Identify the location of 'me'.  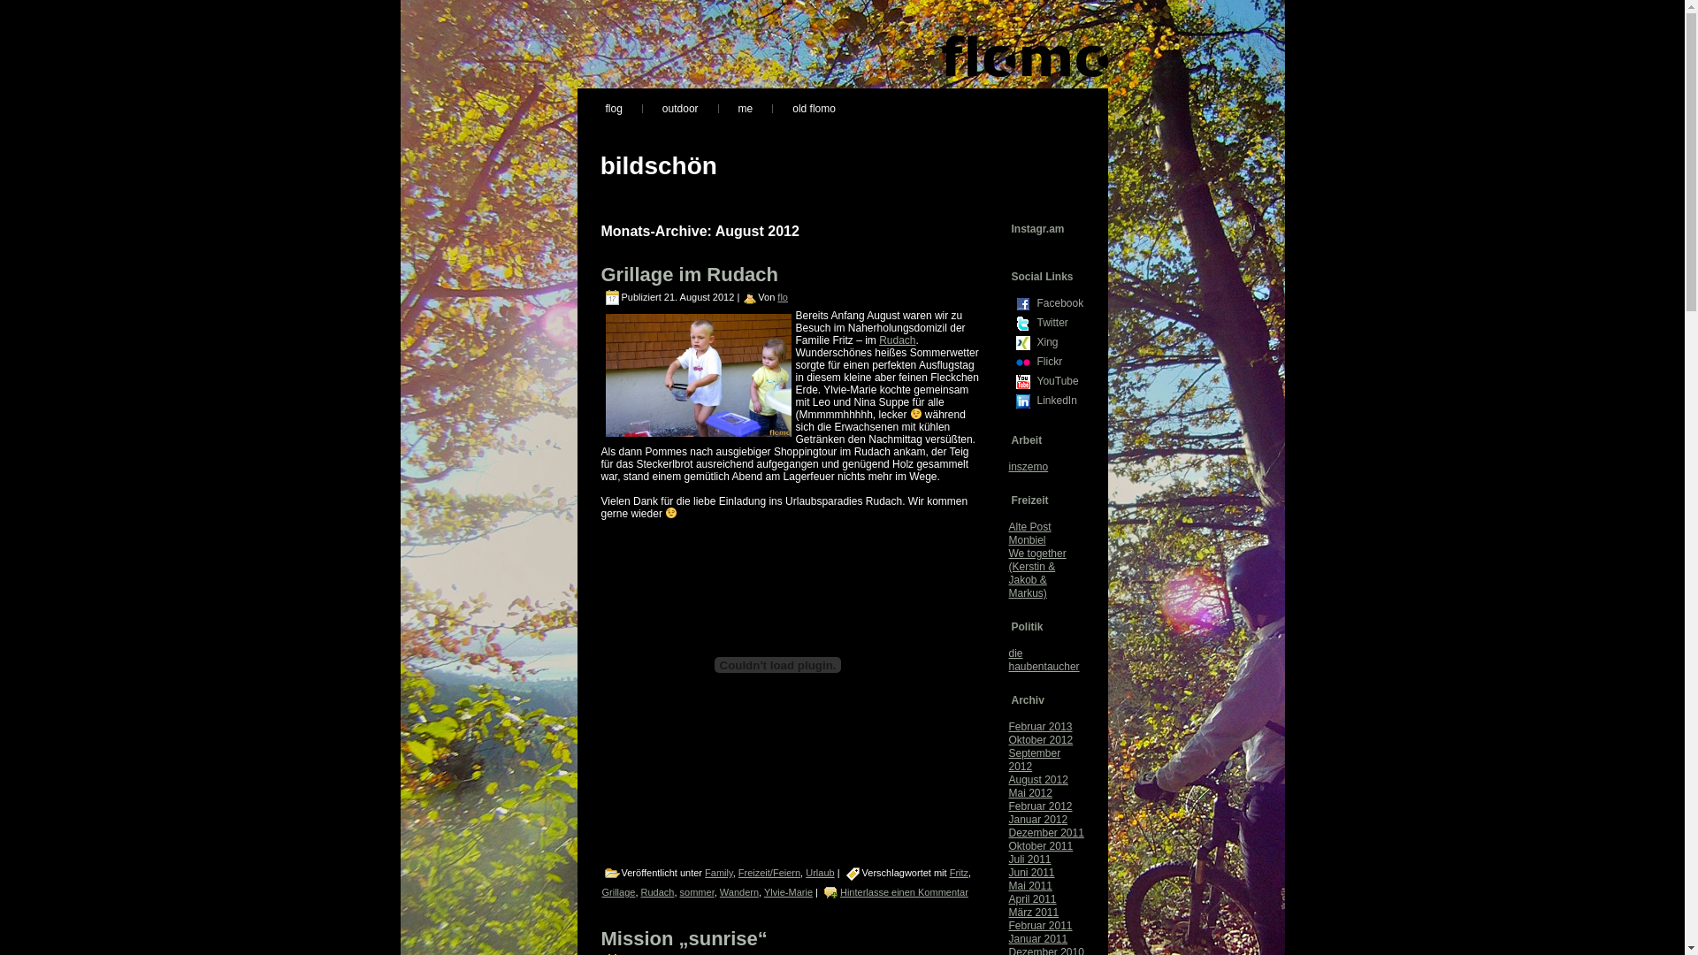
(746, 109).